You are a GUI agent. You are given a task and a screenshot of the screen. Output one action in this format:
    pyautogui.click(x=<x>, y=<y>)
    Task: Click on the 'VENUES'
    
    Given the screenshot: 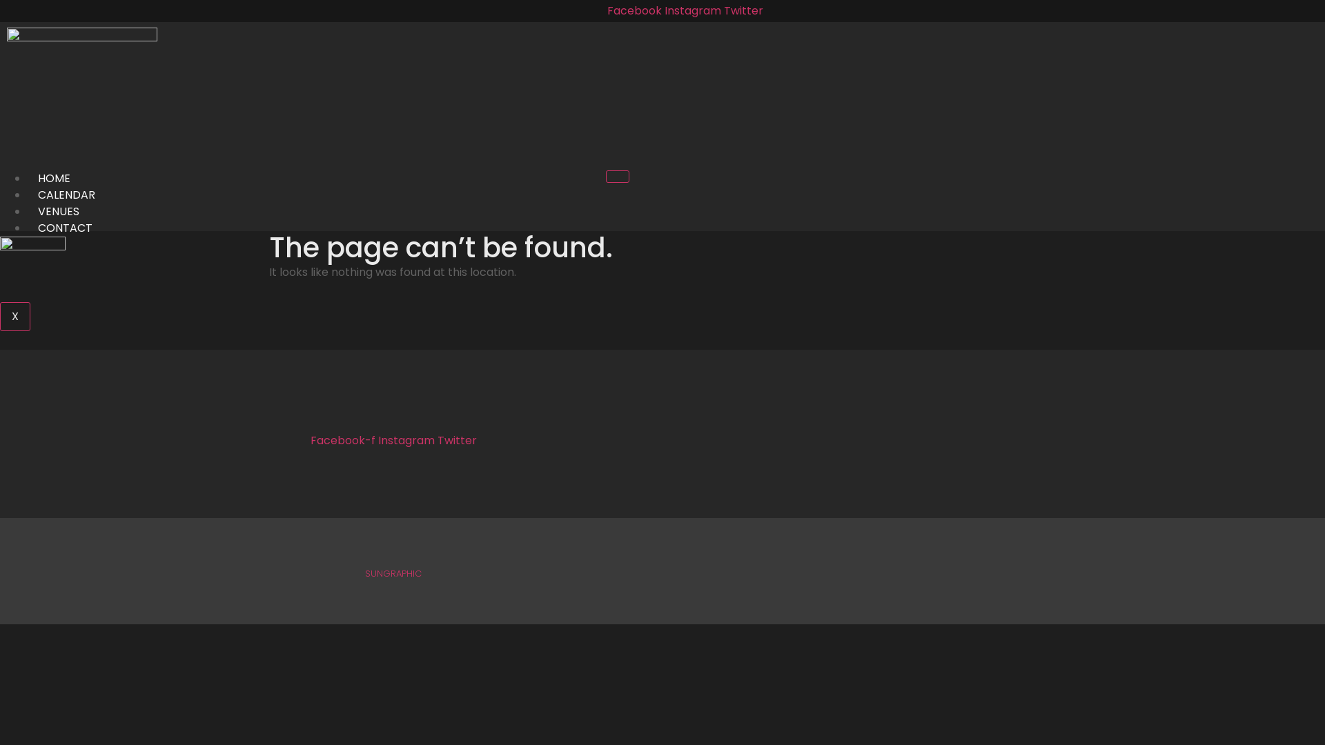 What is the action you would take?
    pyautogui.click(x=58, y=211)
    